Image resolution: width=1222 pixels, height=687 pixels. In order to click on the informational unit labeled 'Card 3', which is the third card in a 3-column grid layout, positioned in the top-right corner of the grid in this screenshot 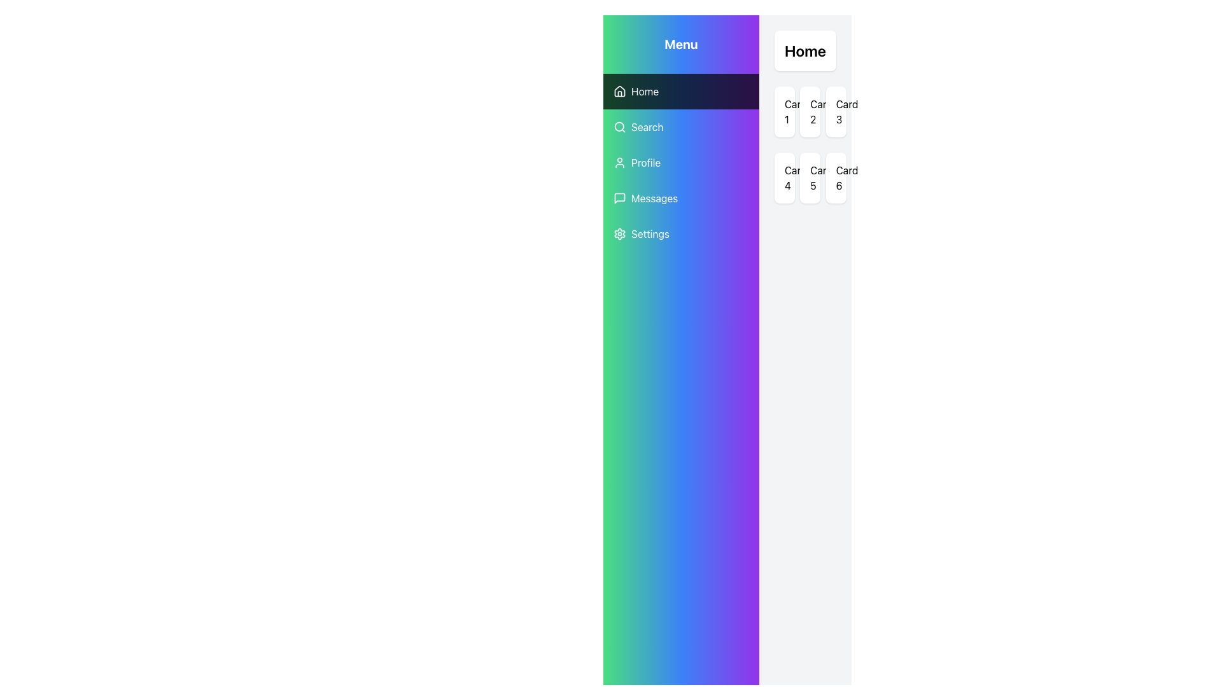, I will do `click(836, 111)`.